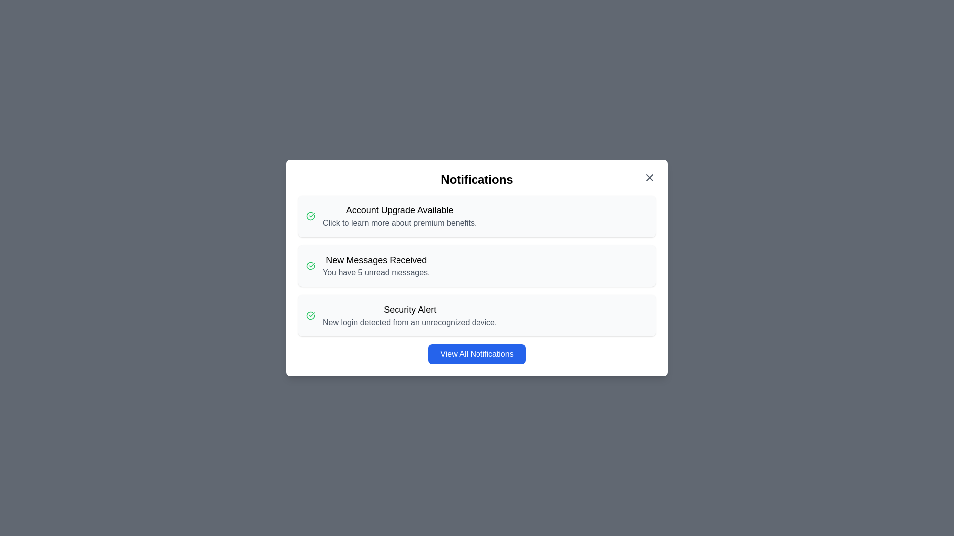 This screenshot has width=954, height=536. What do you see at coordinates (410, 323) in the screenshot?
I see `the static text reading 'New login detected from an unrecognized device.' located in the lower section of the 'Security Alert' notification card` at bounding box center [410, 323].